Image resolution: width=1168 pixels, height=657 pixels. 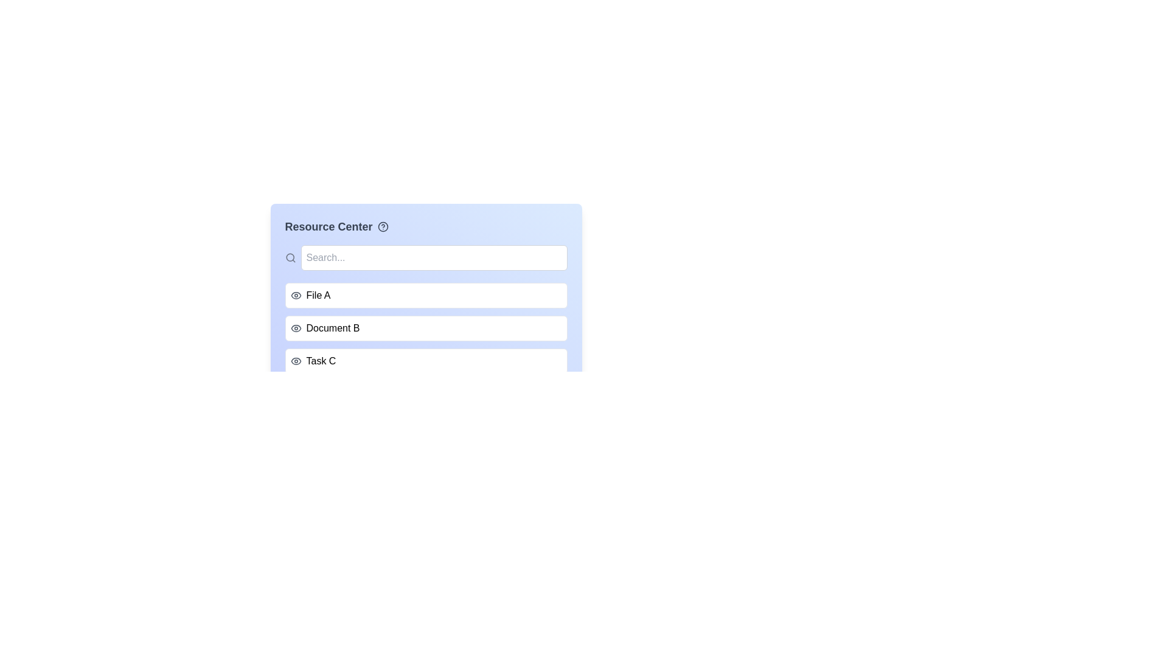 I want to click on the outer circular boundary of the SVG icon representing the help feature, located near the title 'Resource Center', so click(x=382, y=227).